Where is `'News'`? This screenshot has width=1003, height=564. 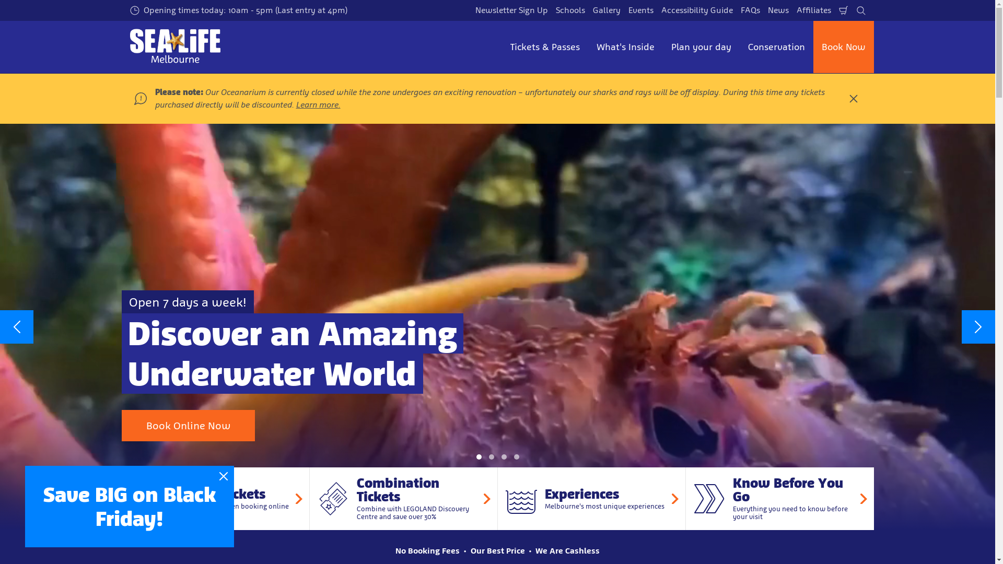 'News' is located at coordinates (777, 10).